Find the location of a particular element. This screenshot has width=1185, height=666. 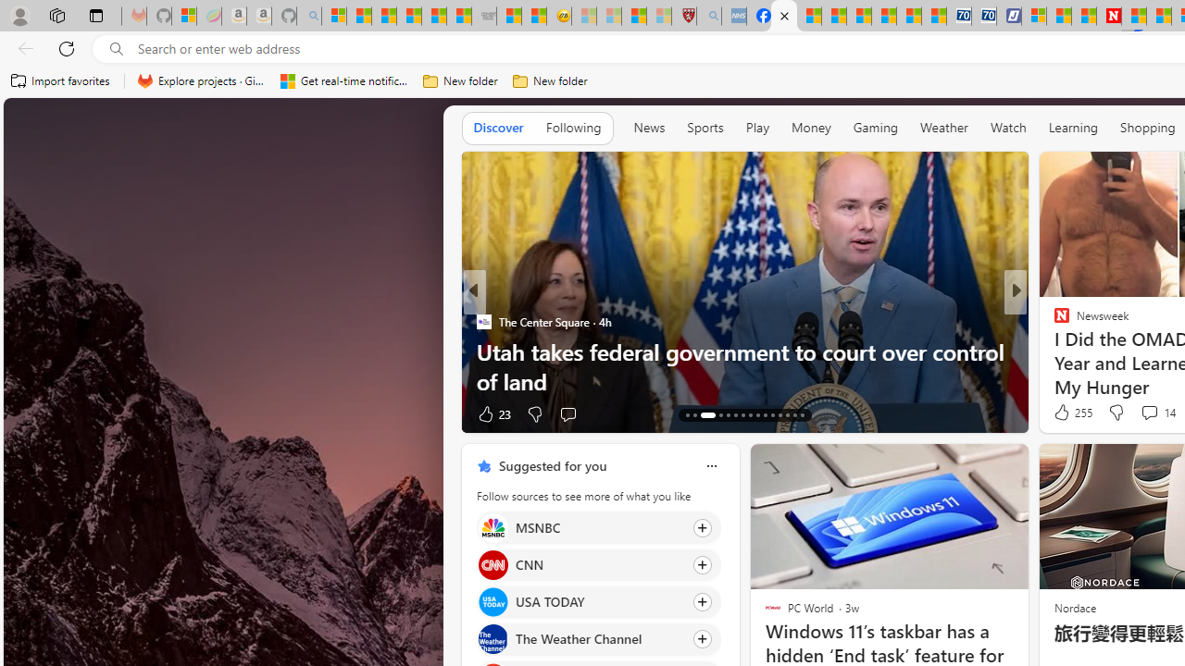

'AutomationID: tab-66' is located at coordinates (687, 413).